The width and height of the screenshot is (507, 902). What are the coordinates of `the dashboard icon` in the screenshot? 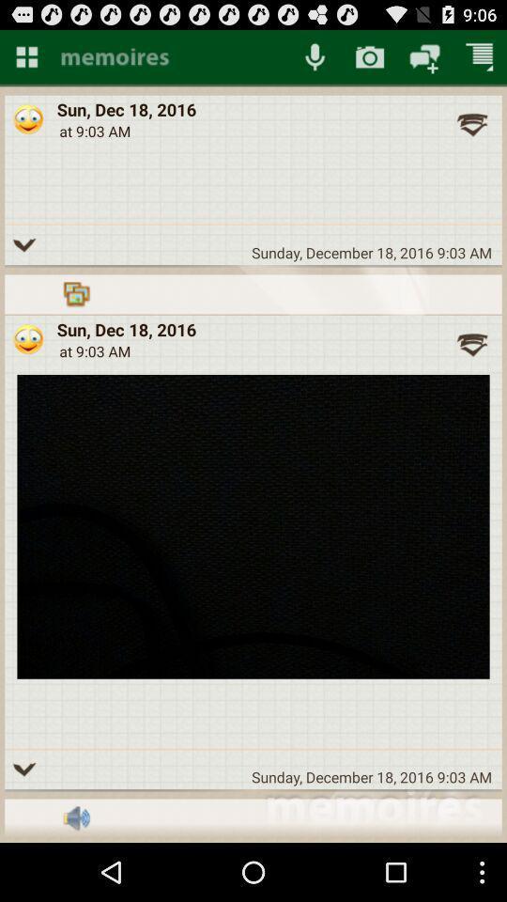 It's located at (25, 60).